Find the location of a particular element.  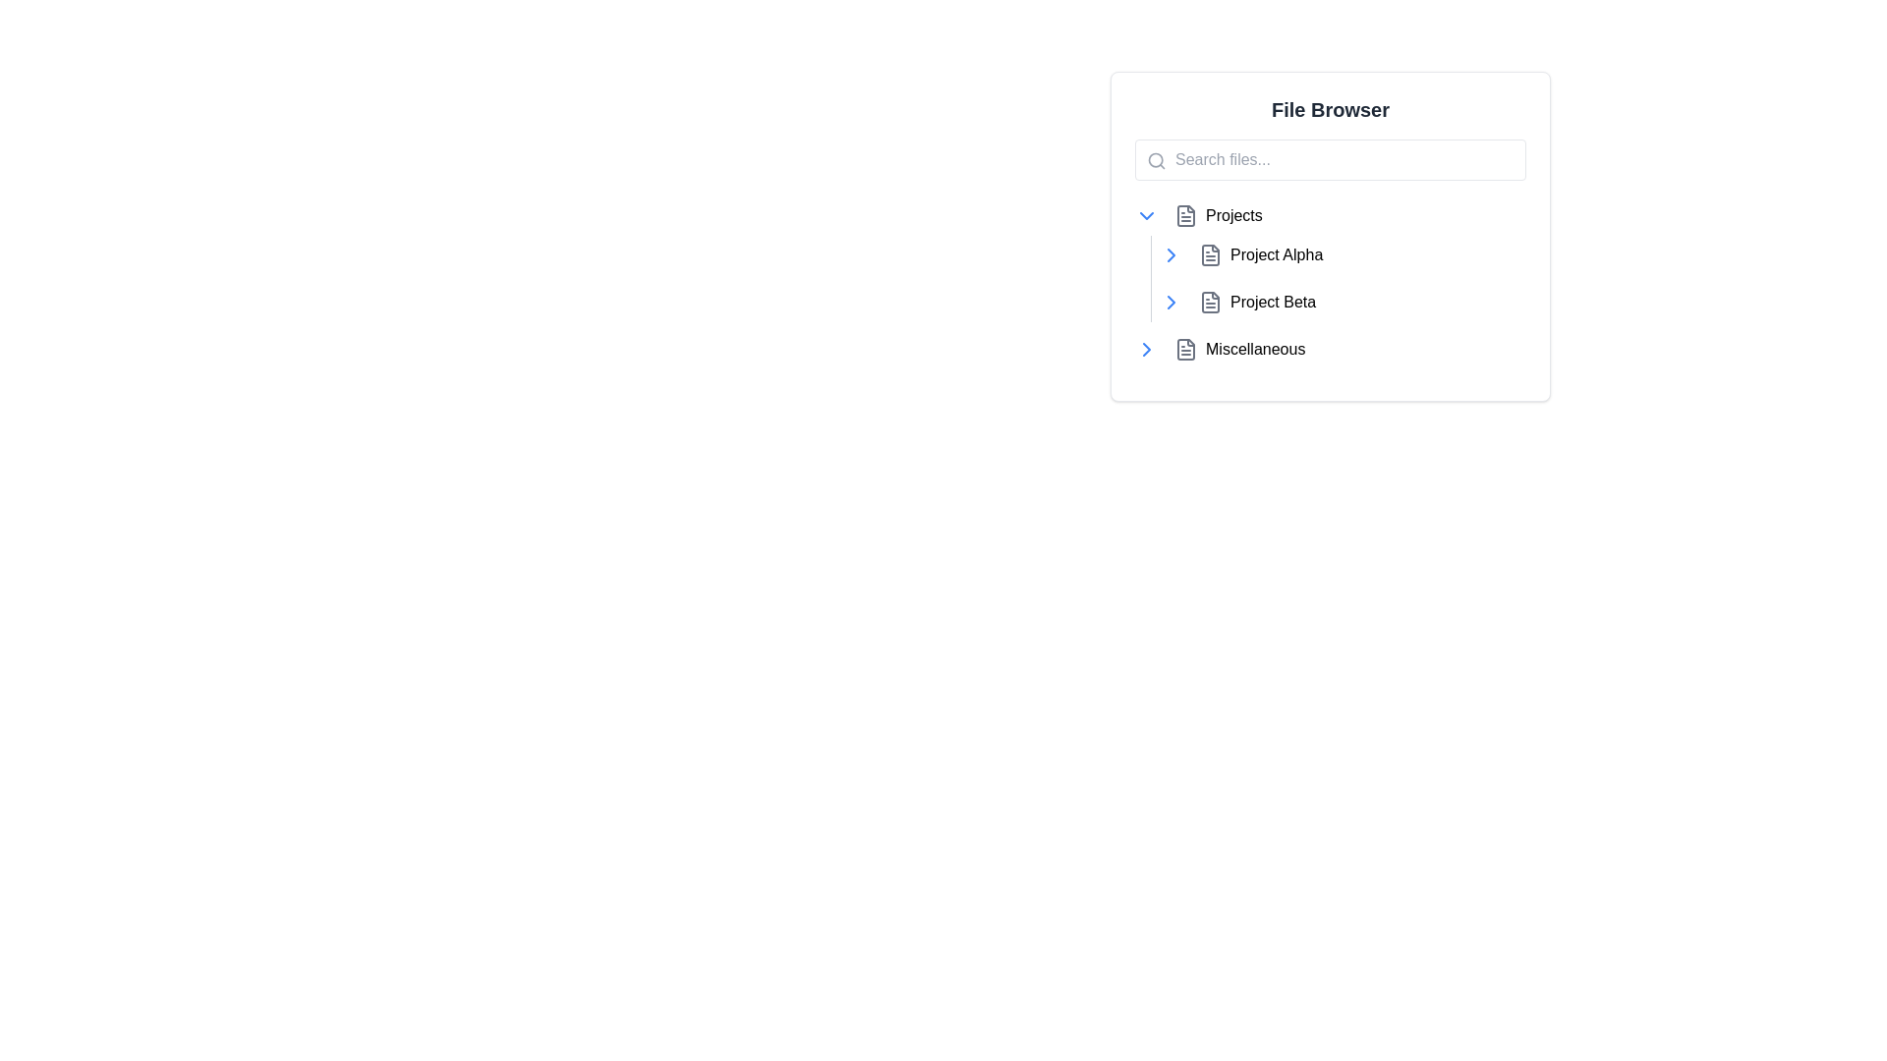

the expansion button to the left of the 'Project Alpha' label in the file browser interface is located at coordinates (1171, 253).